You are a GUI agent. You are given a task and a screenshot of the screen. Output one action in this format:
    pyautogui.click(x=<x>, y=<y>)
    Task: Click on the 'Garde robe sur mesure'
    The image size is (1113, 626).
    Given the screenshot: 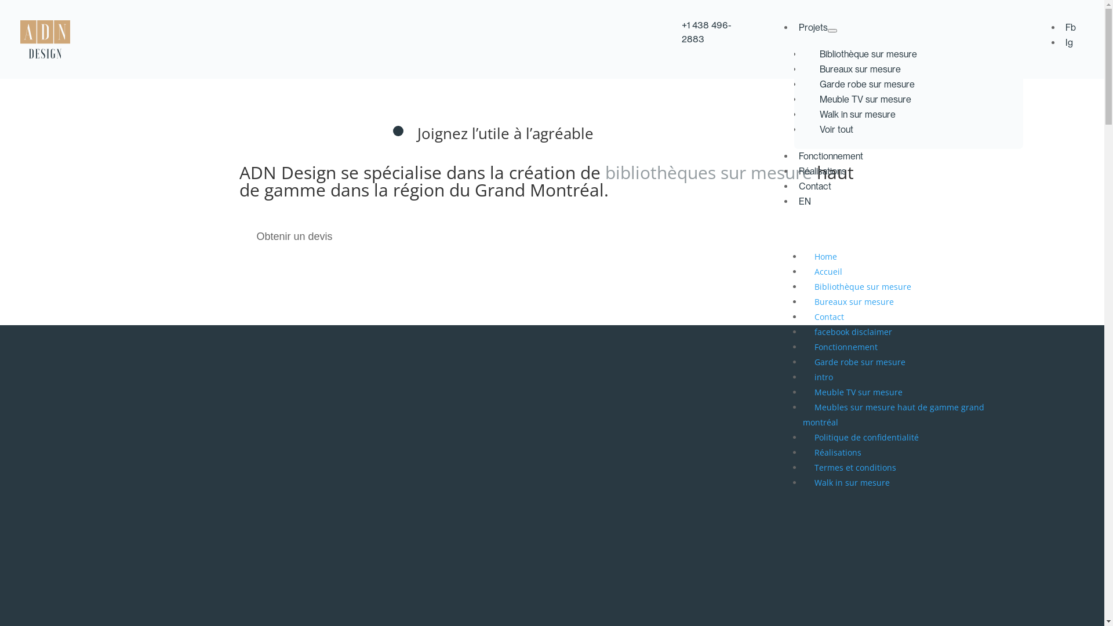 What is the action you would take?
    pyautogui.click(x=813, y=83)
    